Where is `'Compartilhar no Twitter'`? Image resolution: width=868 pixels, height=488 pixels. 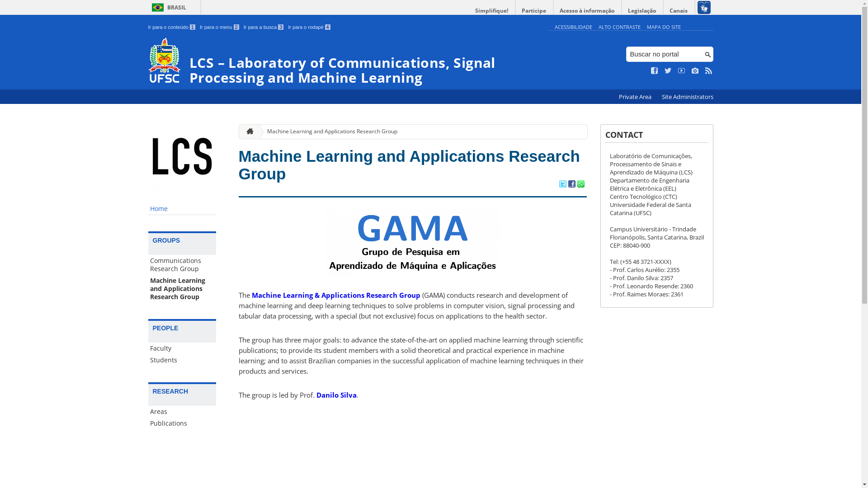
'Compartilhar no Twitter' is located at coordinates (561, 184).